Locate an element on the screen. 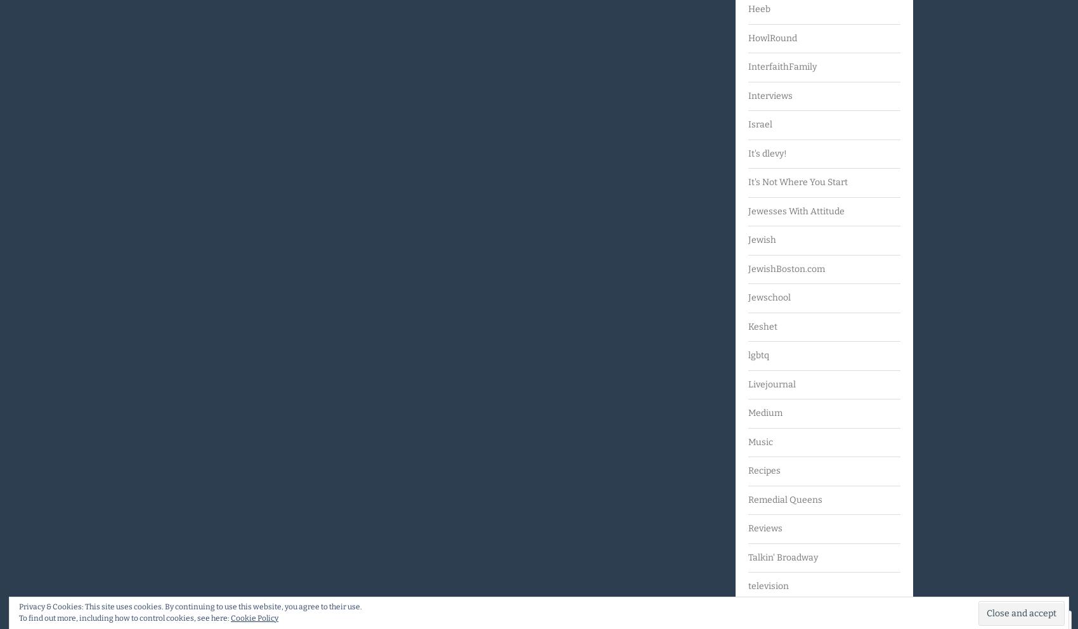 The image size is (1078, 629). 'It's Not Where You Start' is located at coordinates (797, 181).